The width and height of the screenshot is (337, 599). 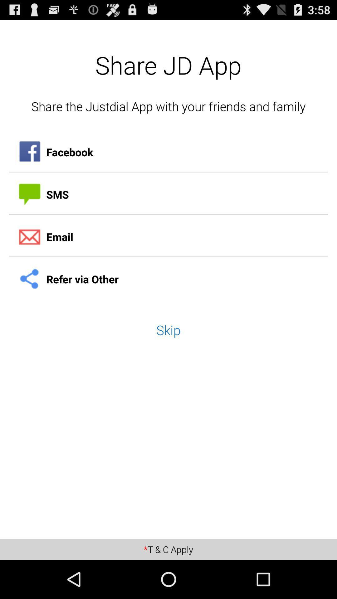 What do you see at coordinates (168, 152) in the screenshot?
I see `the facebook icon` at bounding box center [168, 152].